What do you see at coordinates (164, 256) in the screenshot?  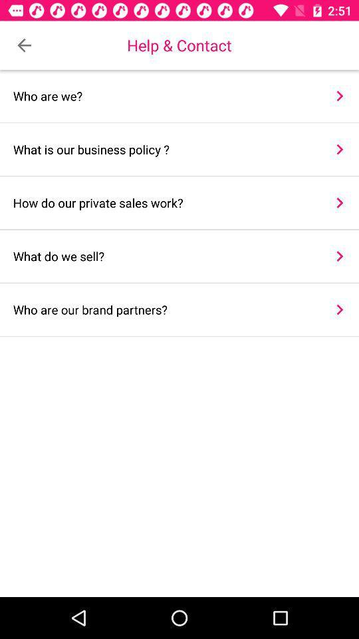 I see `the item below how do our item` at bounding box center [164, 256].